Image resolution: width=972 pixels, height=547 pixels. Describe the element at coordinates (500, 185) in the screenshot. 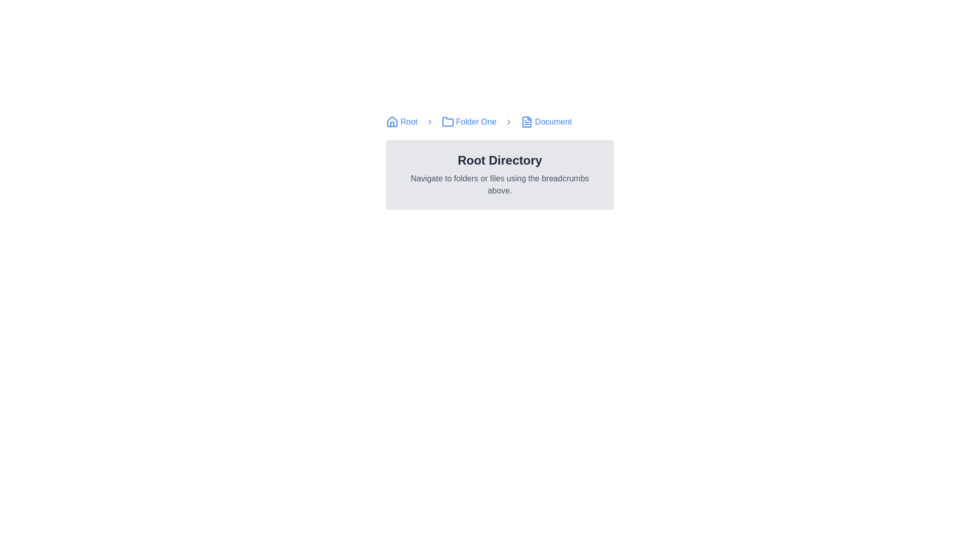

I see `the static text element that provides guidance on navigating the application, located below the 'Root Directory' heading` at that location.